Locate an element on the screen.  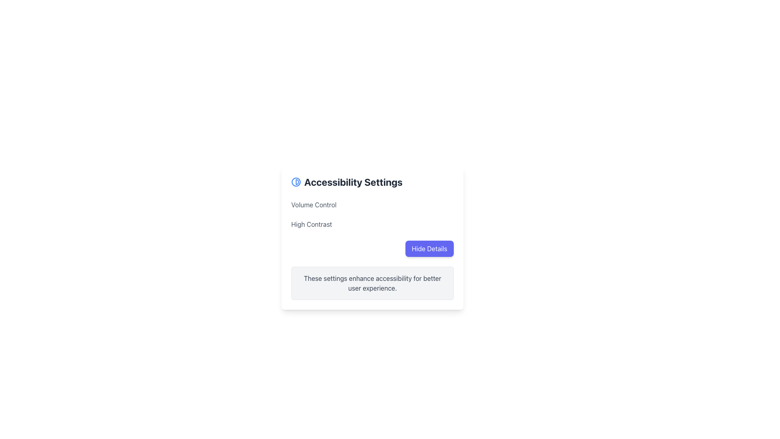
the circular icon with blue and white segments located to the left of the 'Accessibility Settings' text is located at coordinates (296, 181).